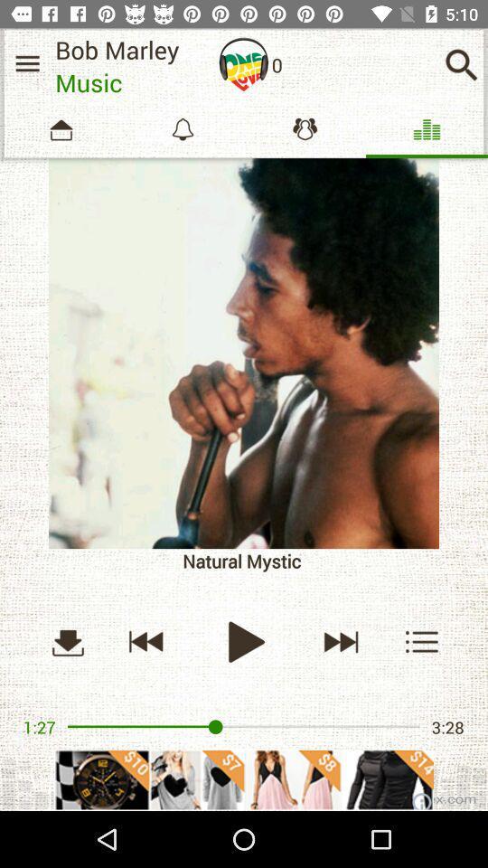 This screenshot has width=488, height=868. I want to click on headphone button, so click(244, 64).